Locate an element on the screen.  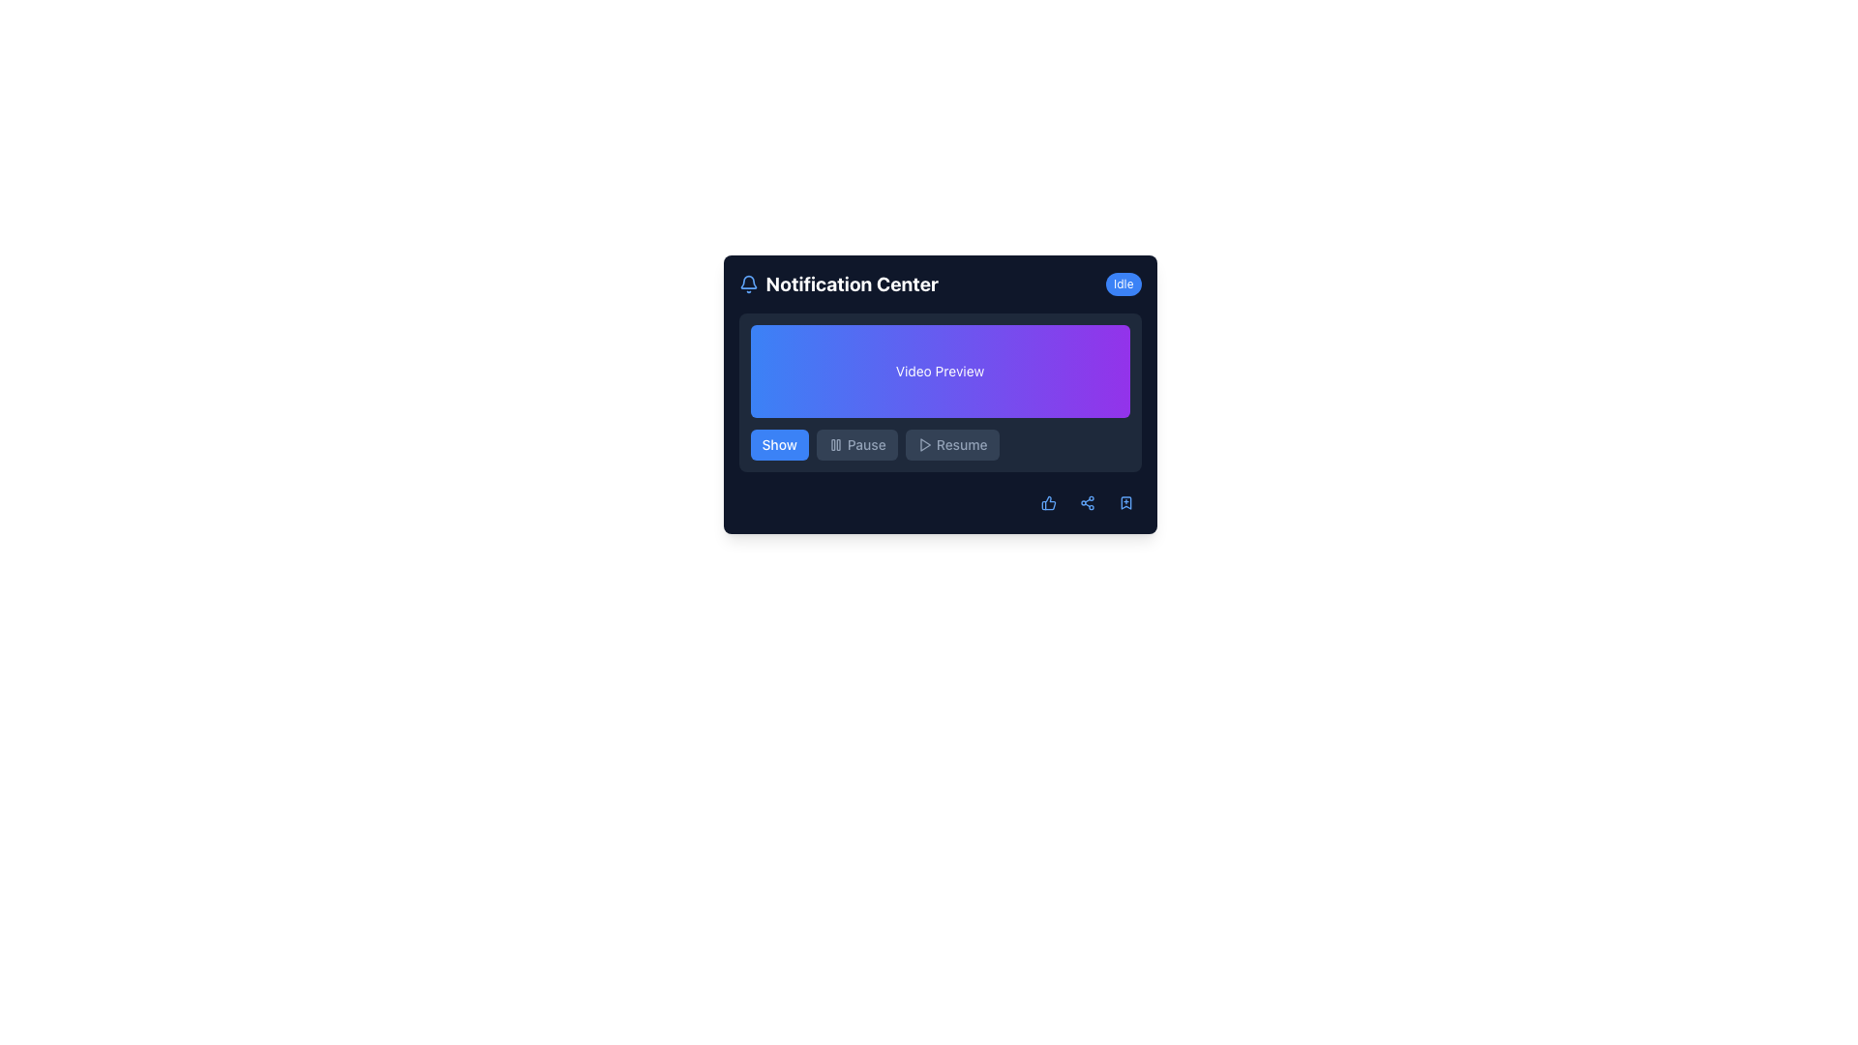
the Play Button icon located at the bottom-center of the interface is located at coordinates (924, 444).